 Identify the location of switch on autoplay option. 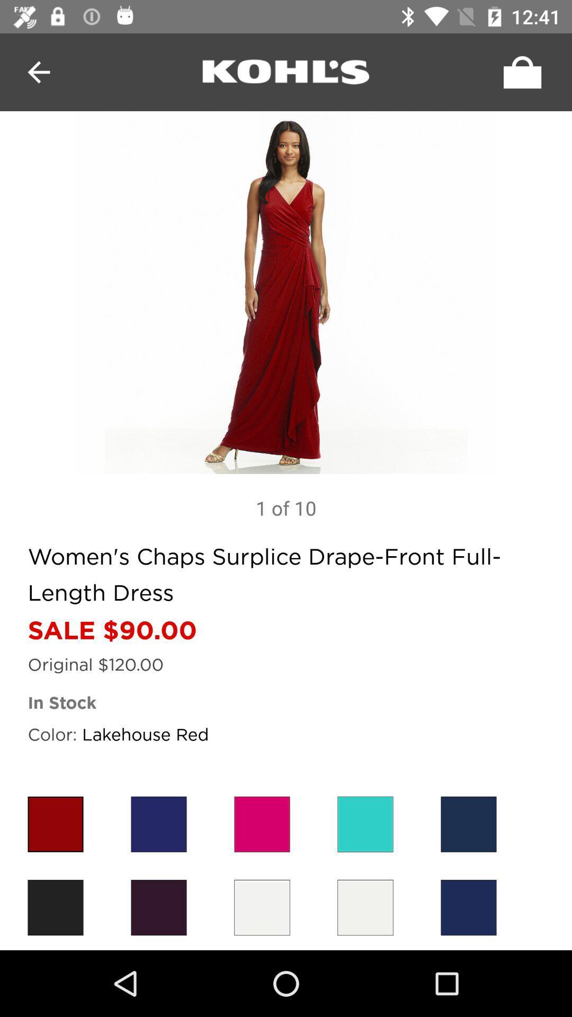
(519, 72).